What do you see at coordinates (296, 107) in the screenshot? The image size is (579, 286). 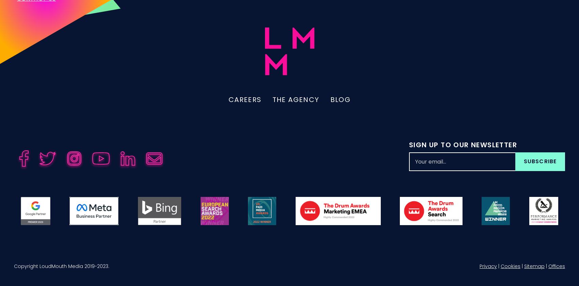 I see `'The Agency'` at bounding box center [296, 107].